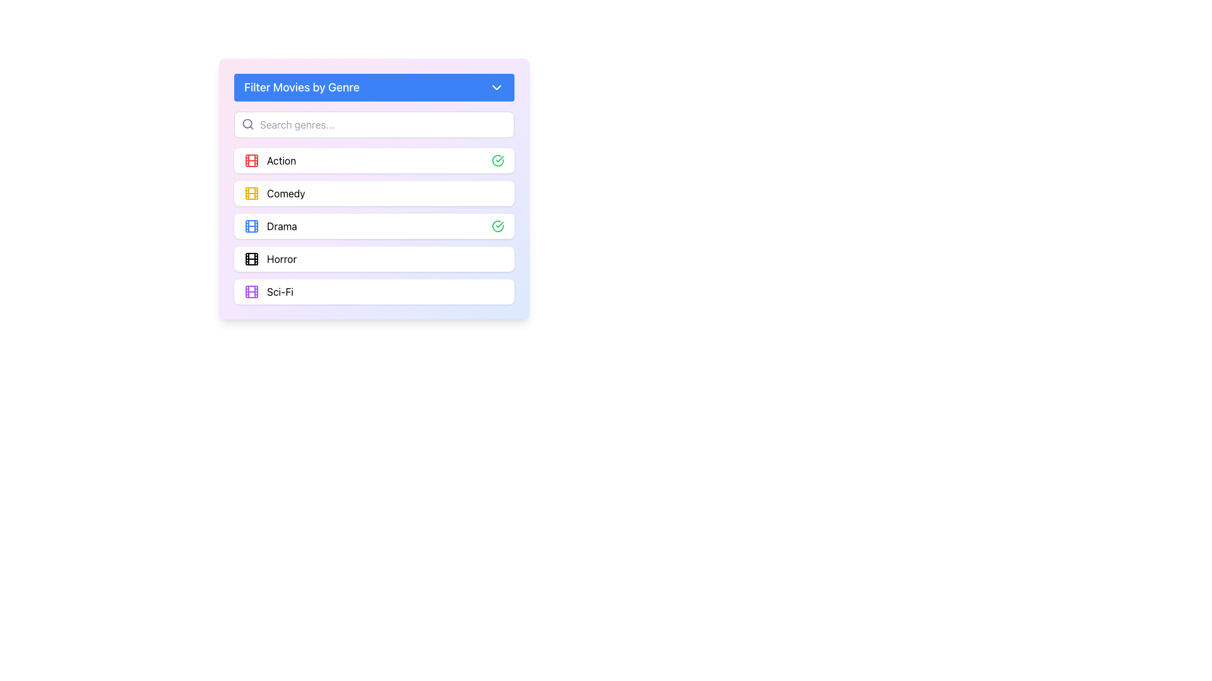 The width and height of the screenshot is (1212, 681). Describe the element at coordinates (269, 160) in the screenshot. I see `the 'Action' genre text with icon, which is the first item in the list beneath the 'Filter Movies by Genre' header` at that location.